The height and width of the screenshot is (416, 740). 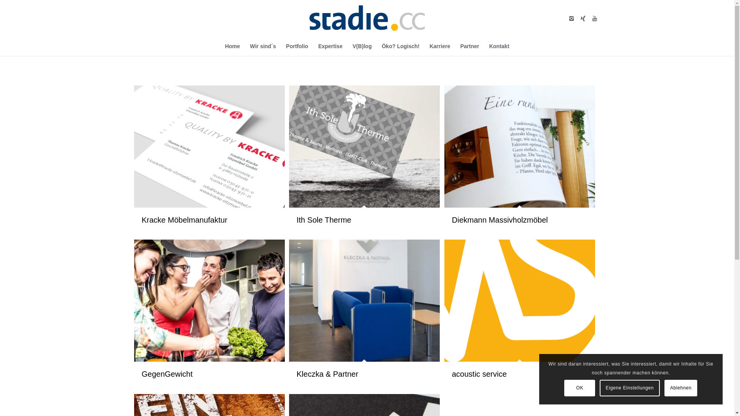 I want to click on 'Kontakt', so click(x=484, y=46).